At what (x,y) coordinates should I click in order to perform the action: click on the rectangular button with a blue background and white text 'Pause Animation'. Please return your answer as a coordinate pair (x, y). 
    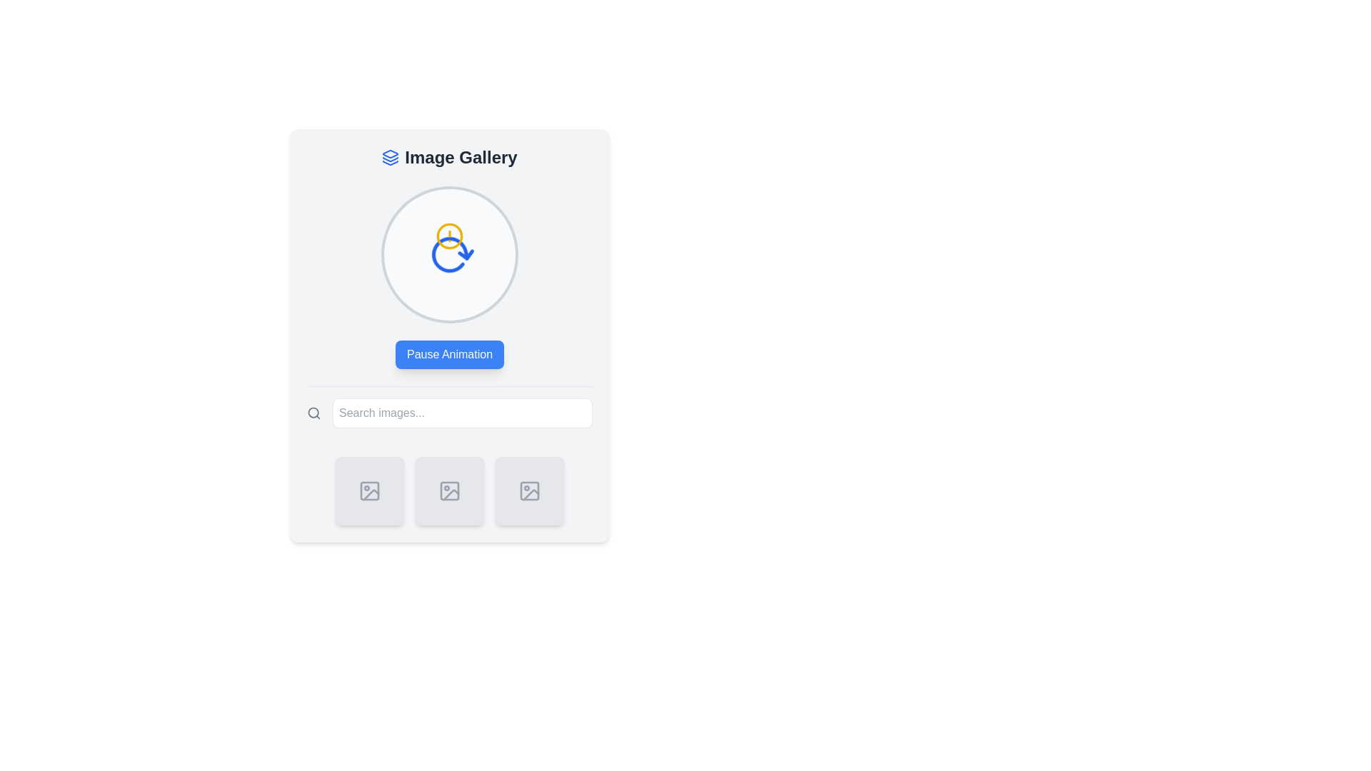
    Looking at the image, I should click on (448, 354).